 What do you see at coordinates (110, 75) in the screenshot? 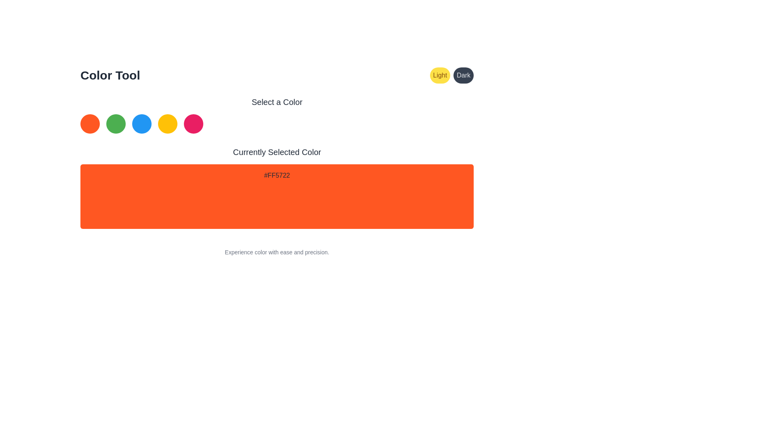
I see `the text element displaying 'Color Tool', which is bold and large, positioned near the top-left of the interface` at bounding box center [110, 75].